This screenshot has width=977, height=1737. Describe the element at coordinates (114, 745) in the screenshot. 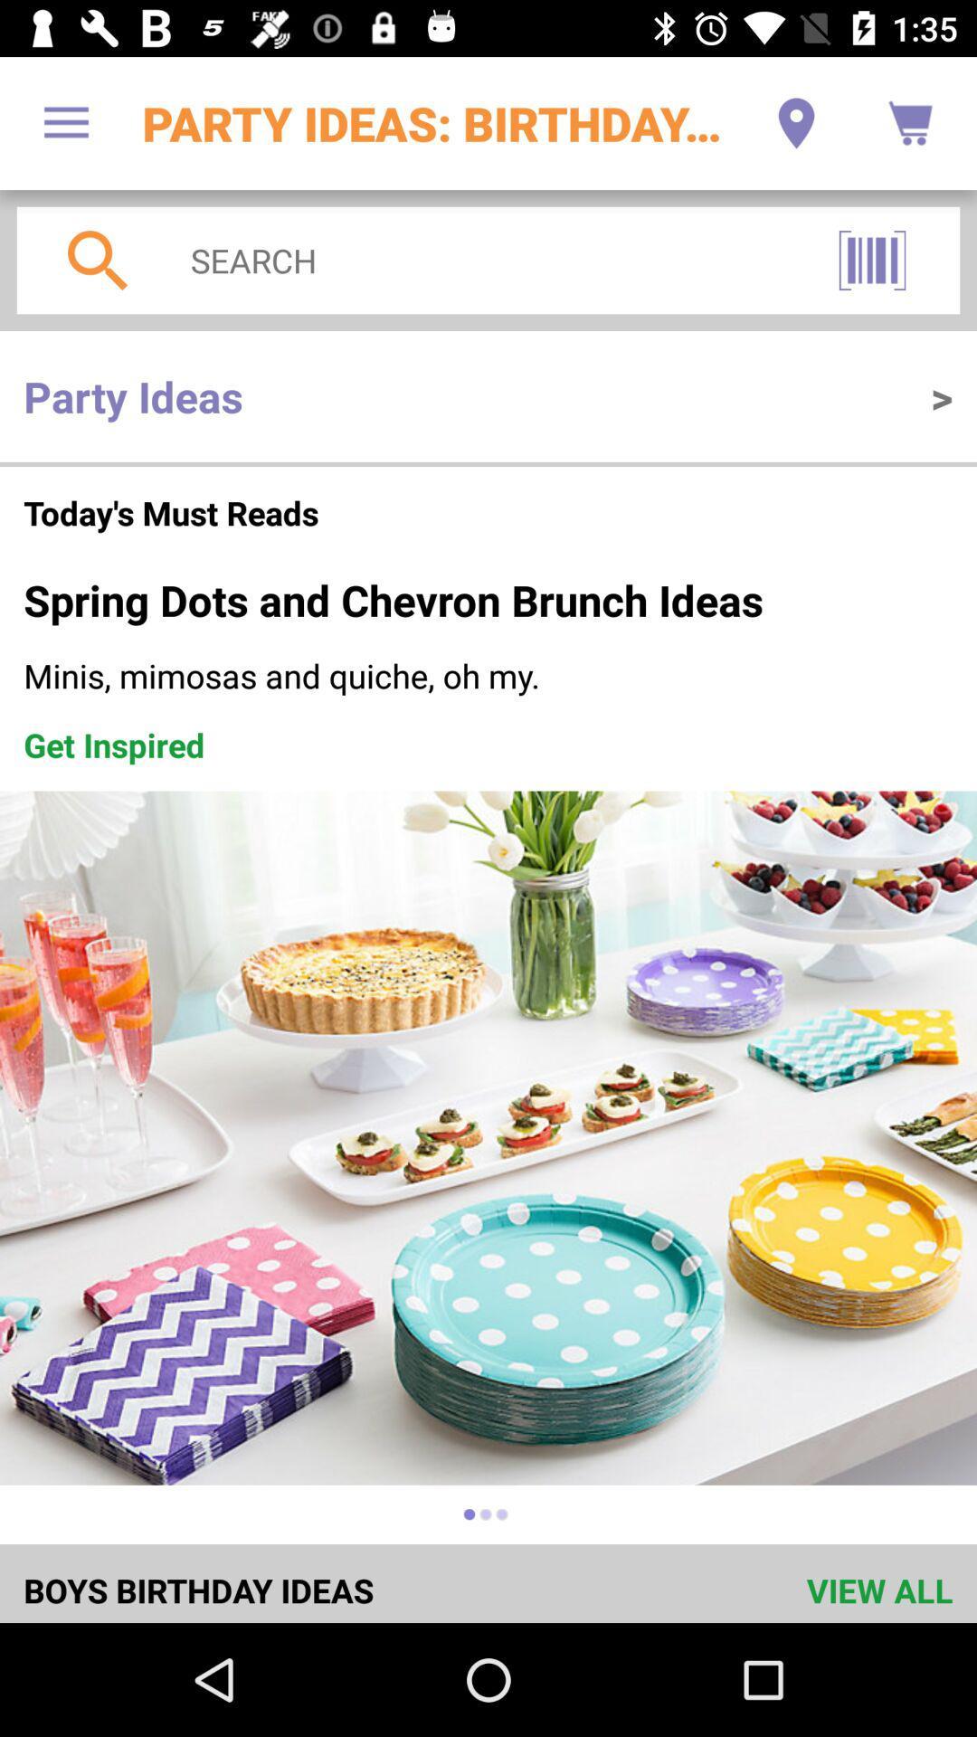

I see `get inspired` at that location.